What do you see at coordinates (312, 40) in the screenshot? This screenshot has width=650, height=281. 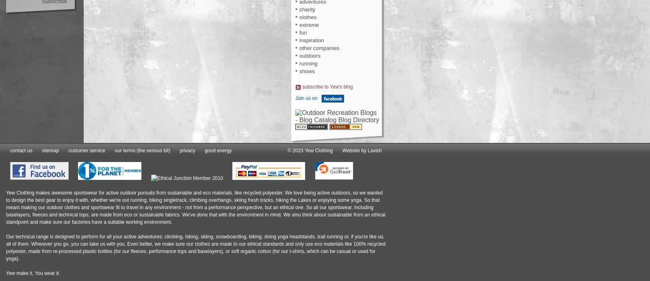 I see `'inspiration'` at bounding box center [312, 40].